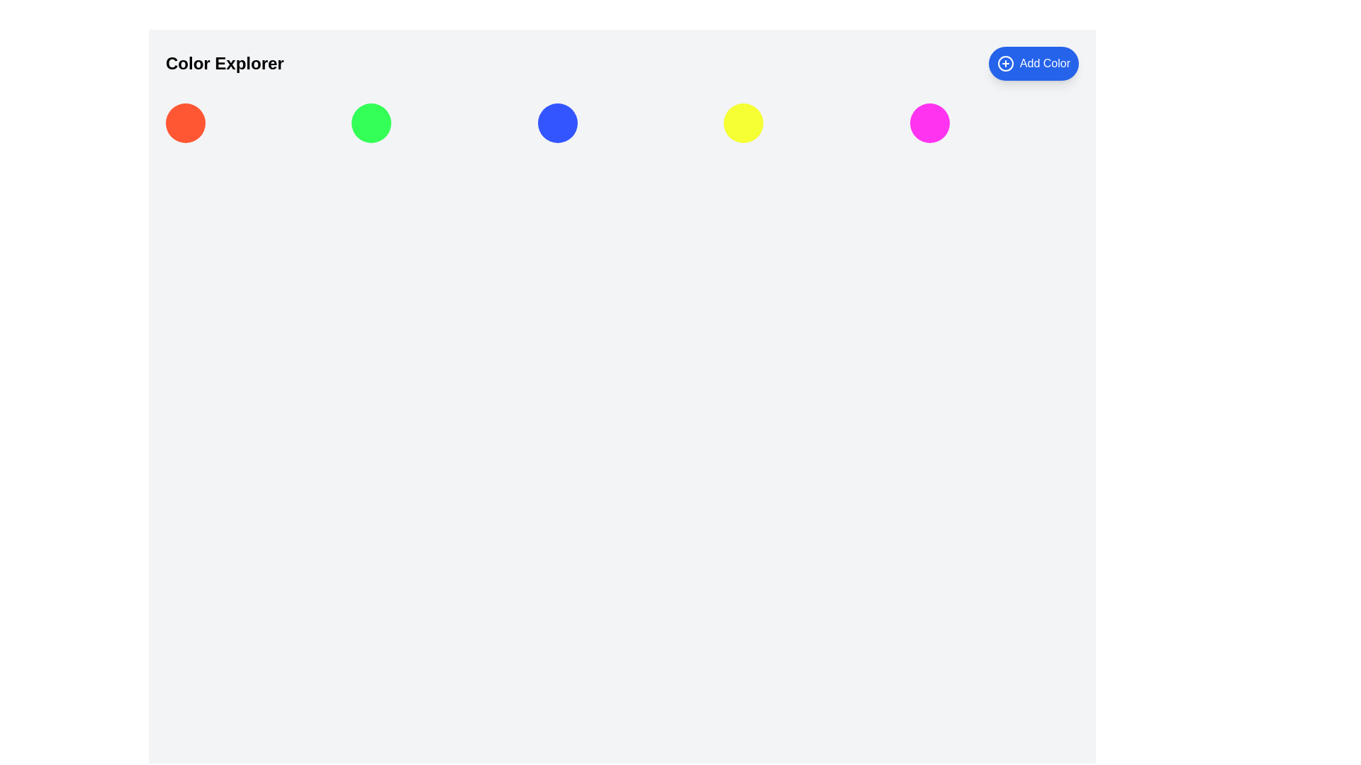  What do you see at coordinates (185, 122) in the screenshot?
I see `the first color option in the grid display` at bounding box center [185, 122].